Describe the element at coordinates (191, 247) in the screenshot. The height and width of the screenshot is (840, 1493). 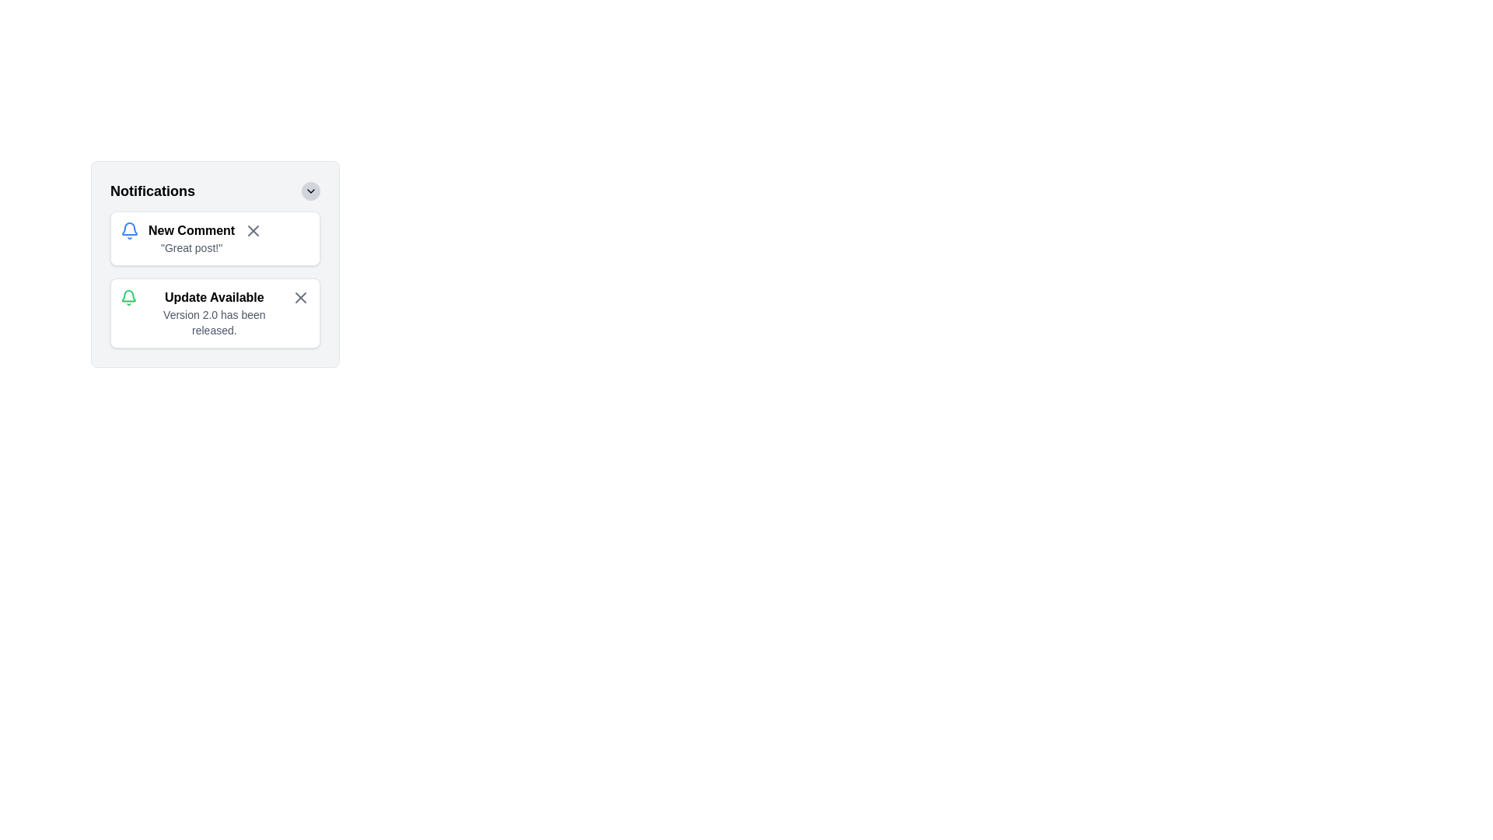
I see `text from the preview or summary of the comment located in the notification card under the title 'New Comment'` at that location.